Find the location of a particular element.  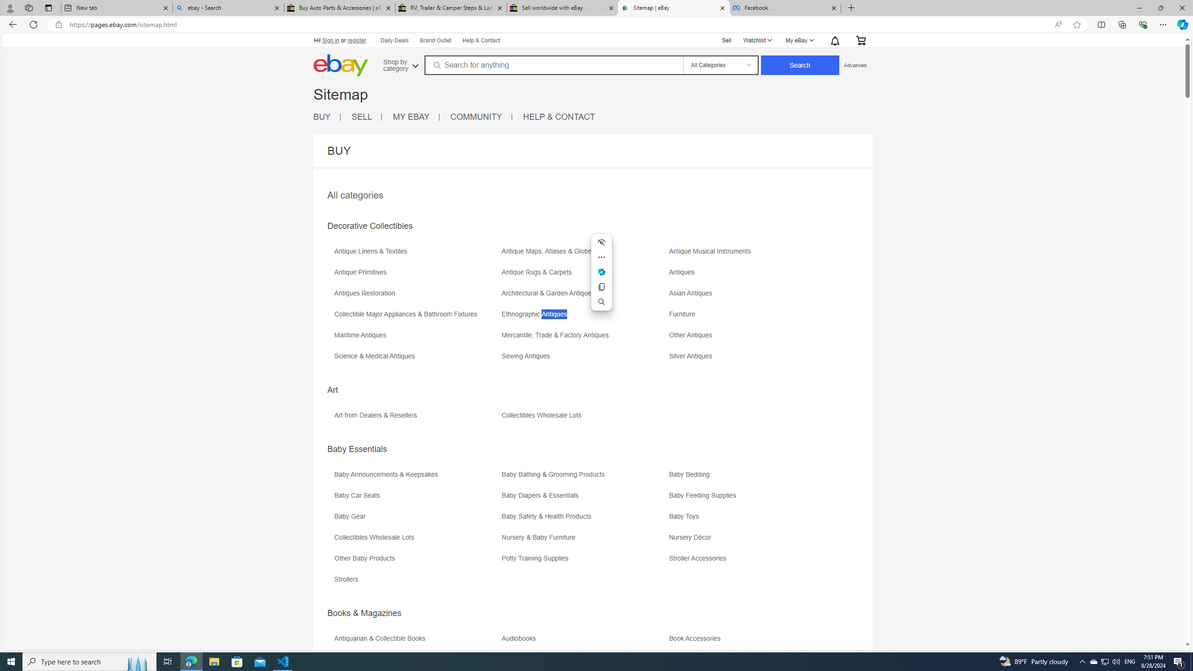

'SELL' is located at coordinates (361, 116).